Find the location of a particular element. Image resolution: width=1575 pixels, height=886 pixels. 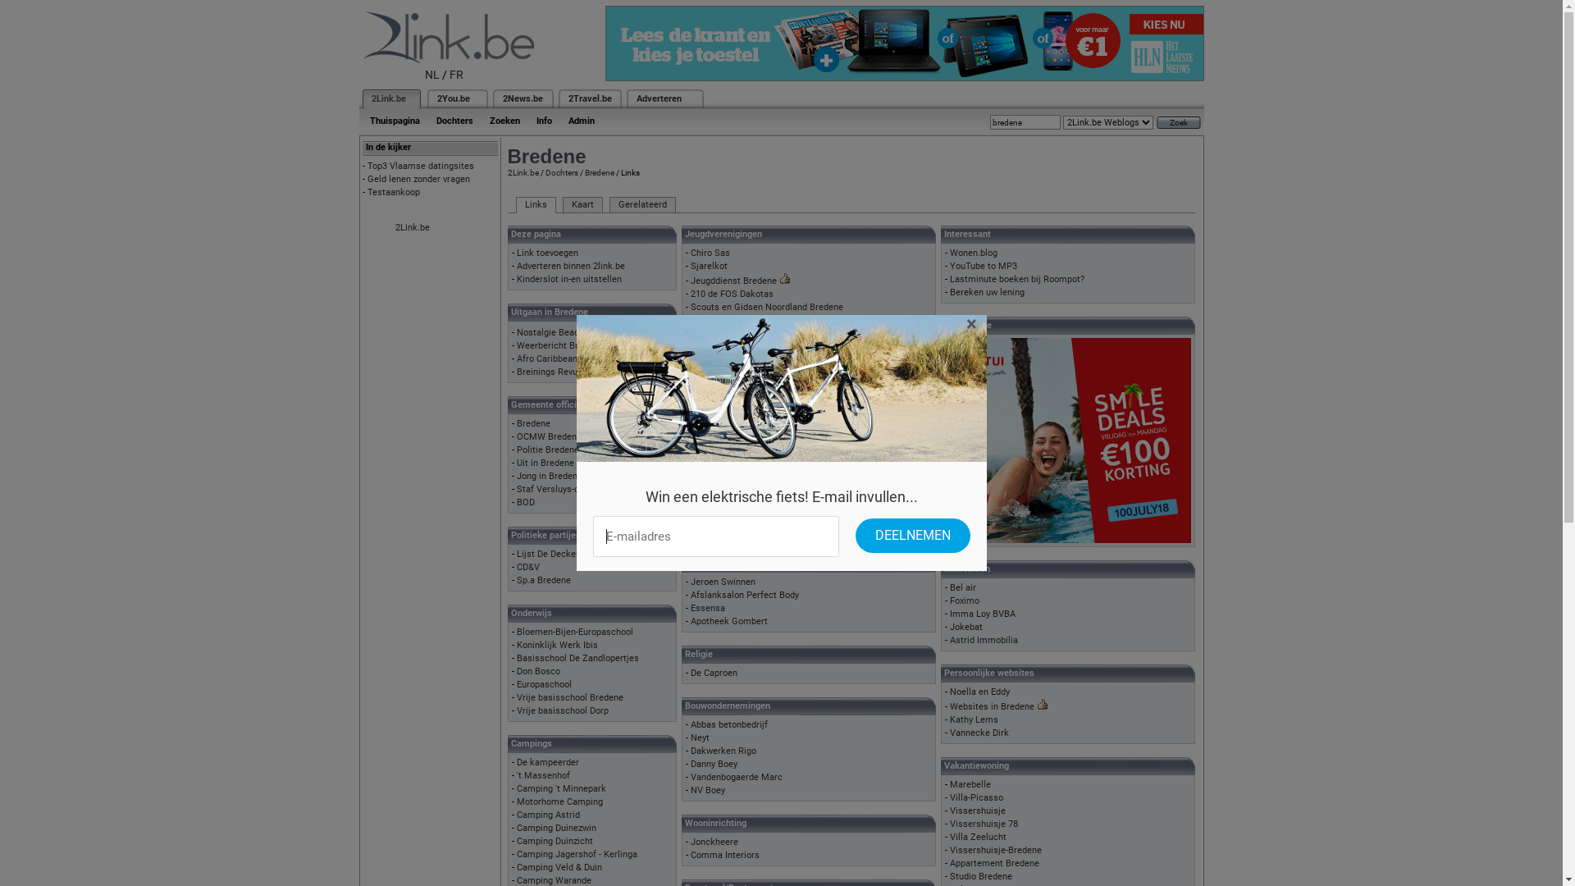

'Chiro Sas' is located at coordinates (710, 253).